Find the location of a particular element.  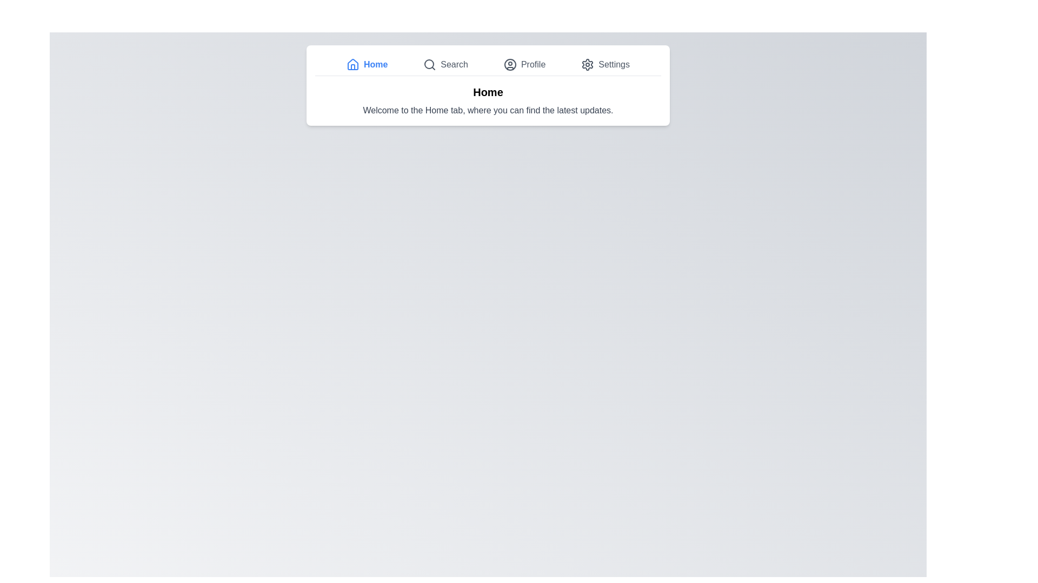

the 'Profile' menu item is located at coordinates (524, 64).